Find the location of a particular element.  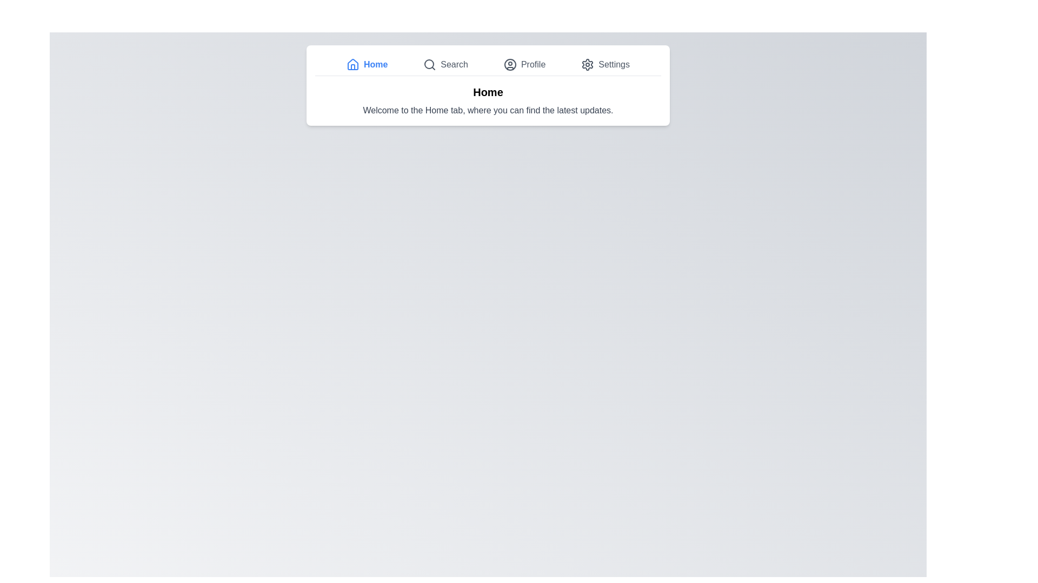

the 'Profile' menu item is located at coordinates (524, 64).